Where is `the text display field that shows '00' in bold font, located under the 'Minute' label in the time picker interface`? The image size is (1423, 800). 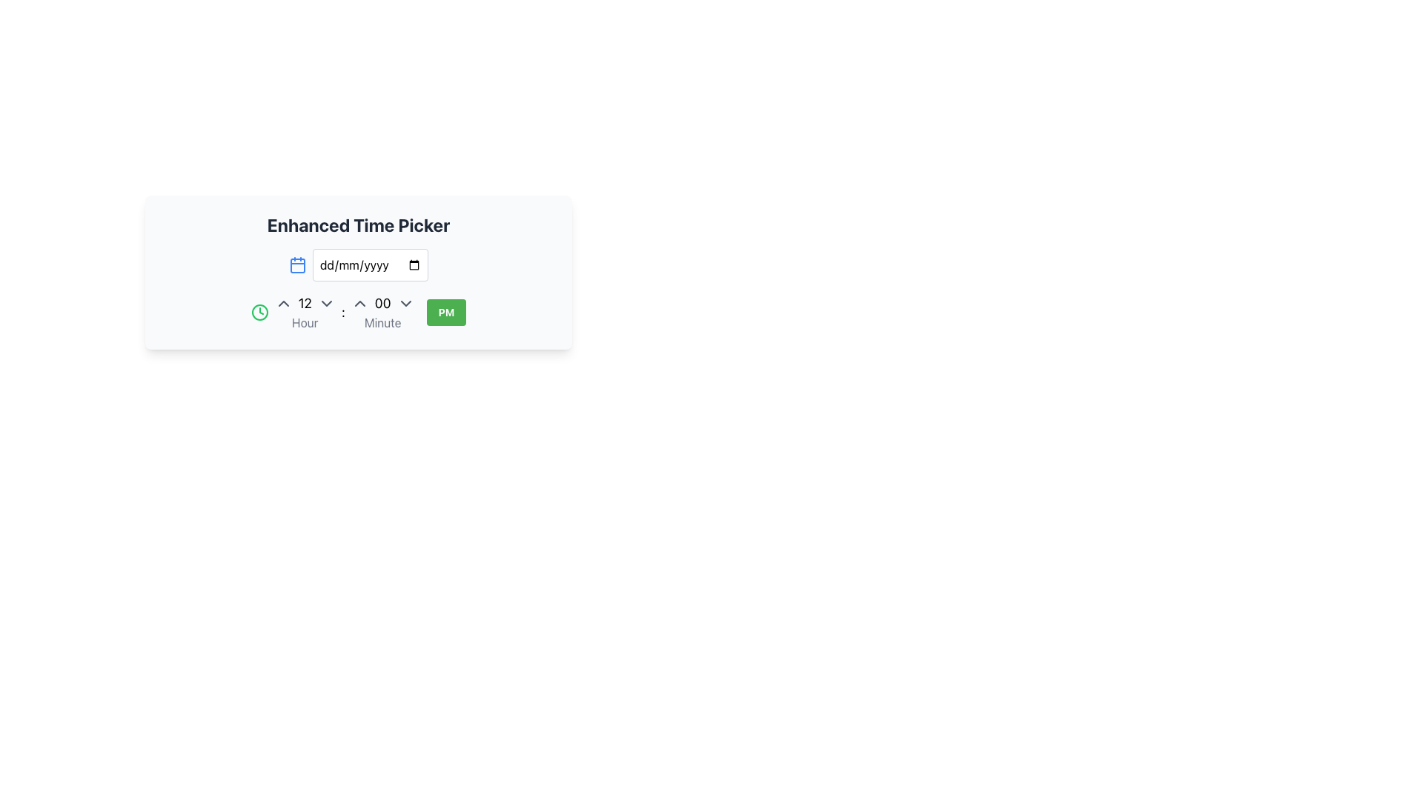 the text display field that shows '00' in bold font, located under the 'Minute' label in the time picker interface is located at coordinates (382, 302).